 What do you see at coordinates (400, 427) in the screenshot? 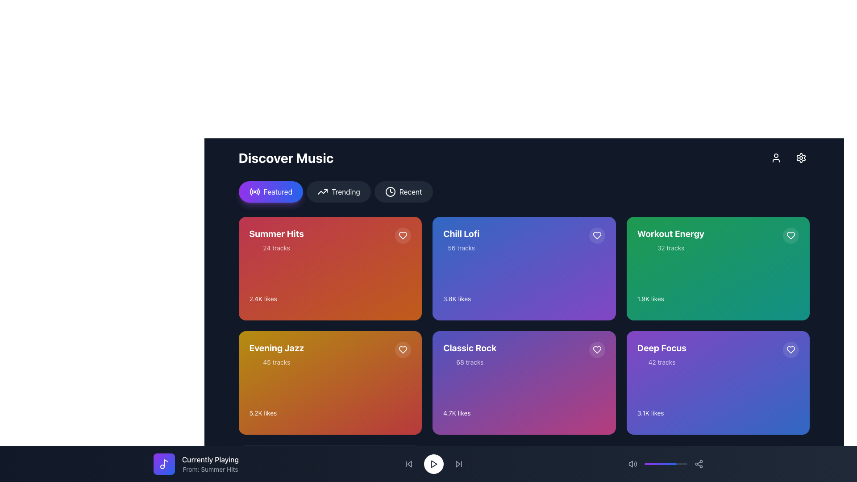
I see `the interactive button located in the bottom-right corner of the 'Evening Jazz' card` at bounding box center [400, 427].